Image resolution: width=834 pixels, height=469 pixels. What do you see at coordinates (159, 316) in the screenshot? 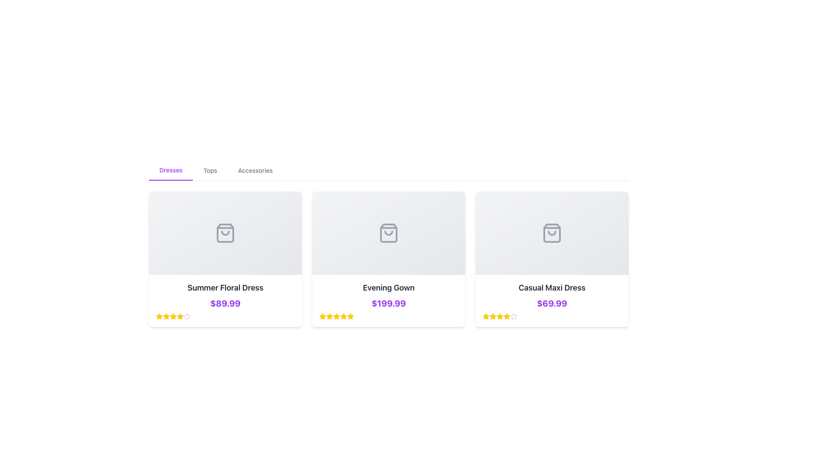
I see `the fourth star icon in the rating system below the 'Summer Floral Dress' text to adjust the product rating` at bounding box center [159, 316].